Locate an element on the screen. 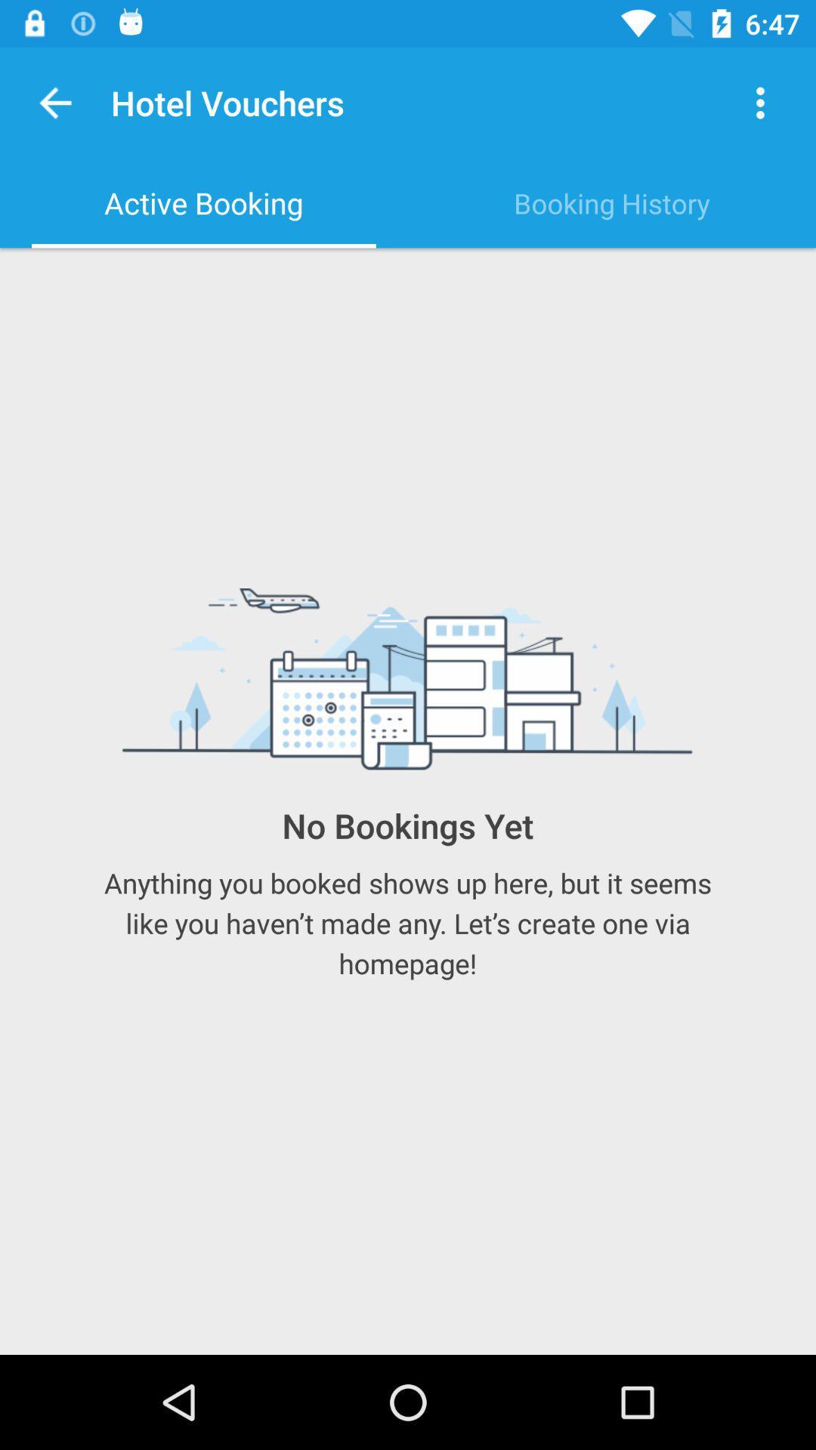 The width and height of the screenshot is (816, 1450). more options is located at coordinates (760, 102).